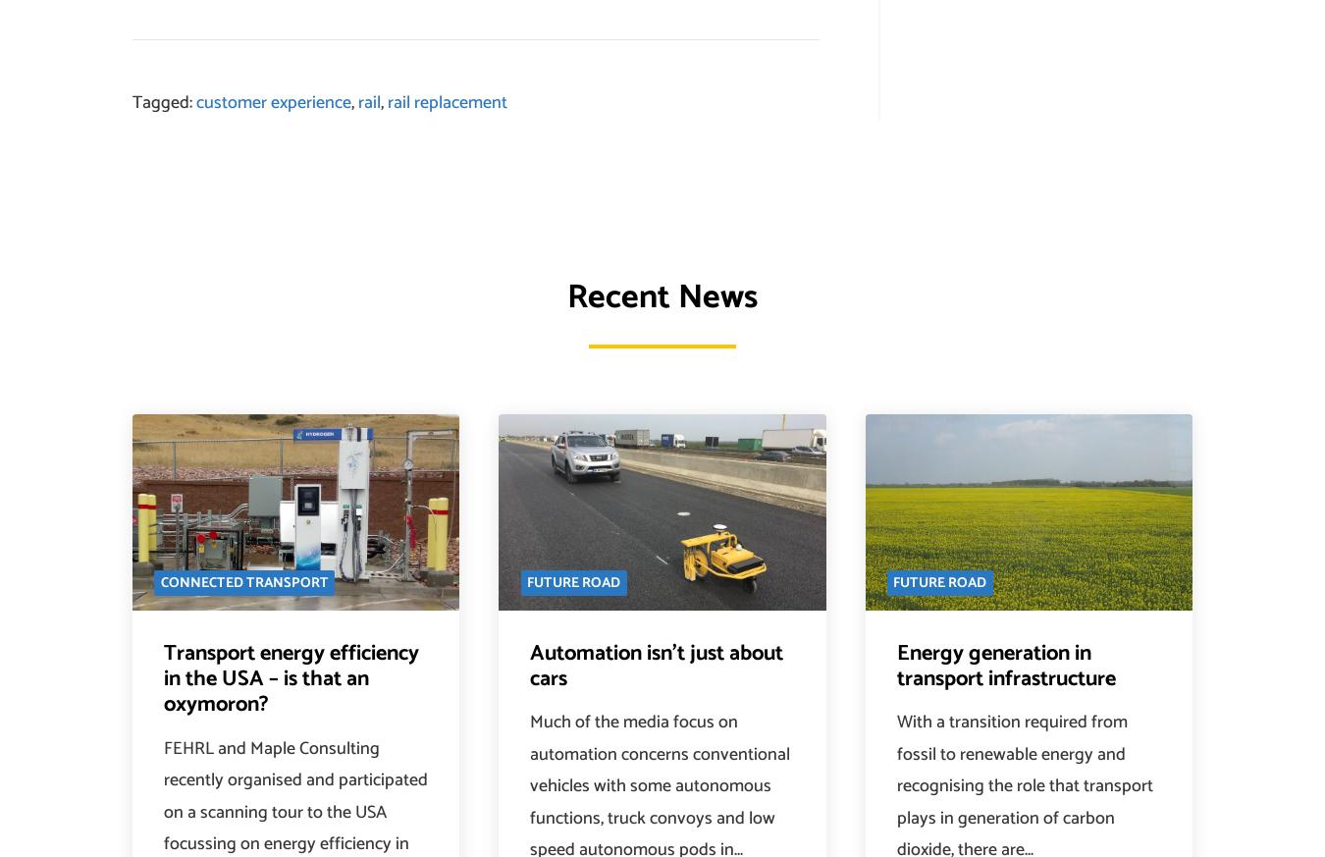 The width and height of the screenshot is (1325, 857). Describe the element at coordinates (657, 666) in the screenshot. I see `'Automation isn’t just about cars'` at that location.